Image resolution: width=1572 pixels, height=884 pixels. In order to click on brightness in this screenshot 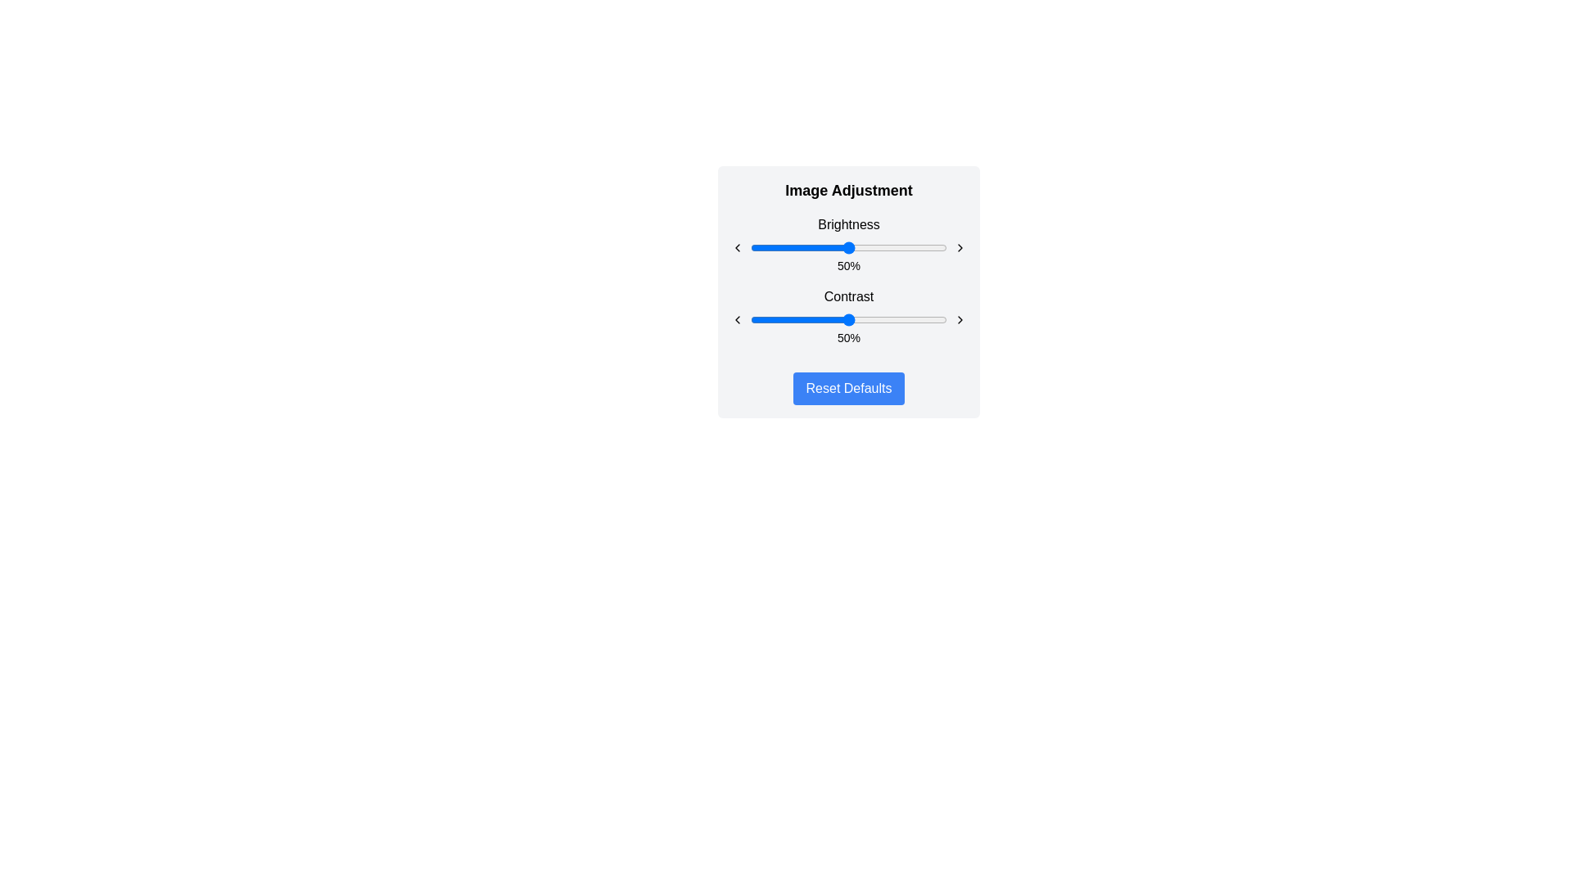, I will do `click(913, 248)`.